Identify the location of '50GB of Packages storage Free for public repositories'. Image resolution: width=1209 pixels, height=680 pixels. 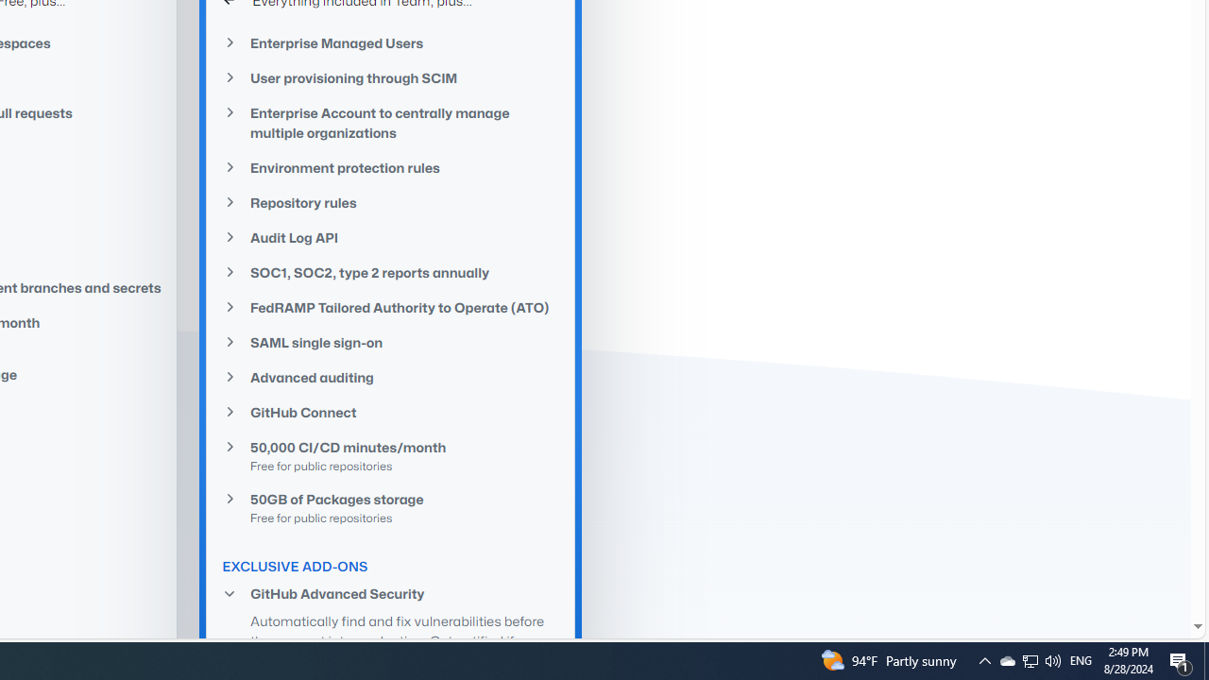
(390, 506).